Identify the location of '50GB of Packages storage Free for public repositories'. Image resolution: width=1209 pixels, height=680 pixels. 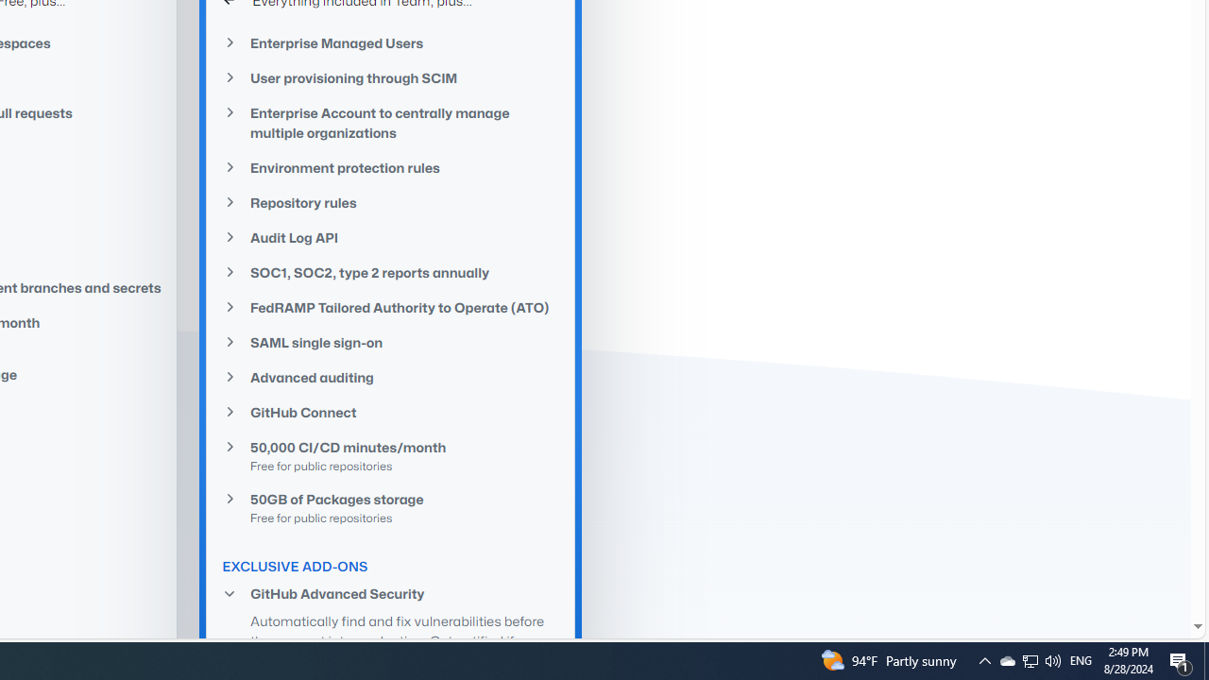
(390, 506).